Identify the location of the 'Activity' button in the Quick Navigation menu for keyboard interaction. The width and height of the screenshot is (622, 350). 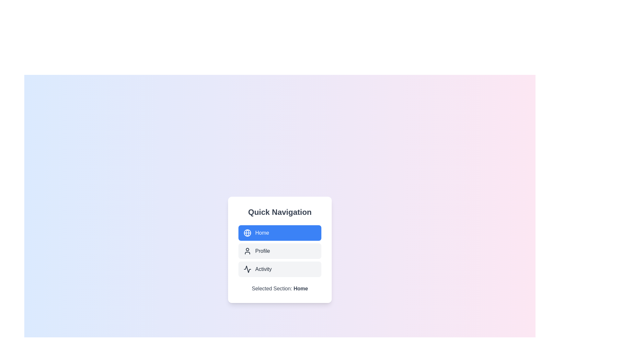
(280, 269).